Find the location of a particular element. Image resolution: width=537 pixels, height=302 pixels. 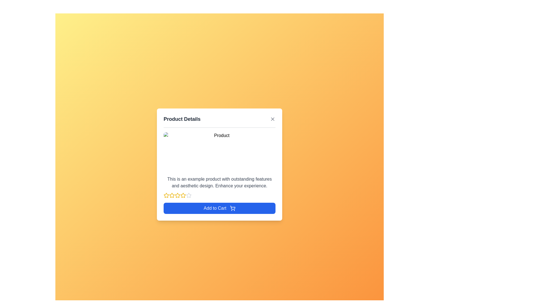

the 5th star-shaped icon/button in a series of 6 stars is located at coordinates (189, 195).